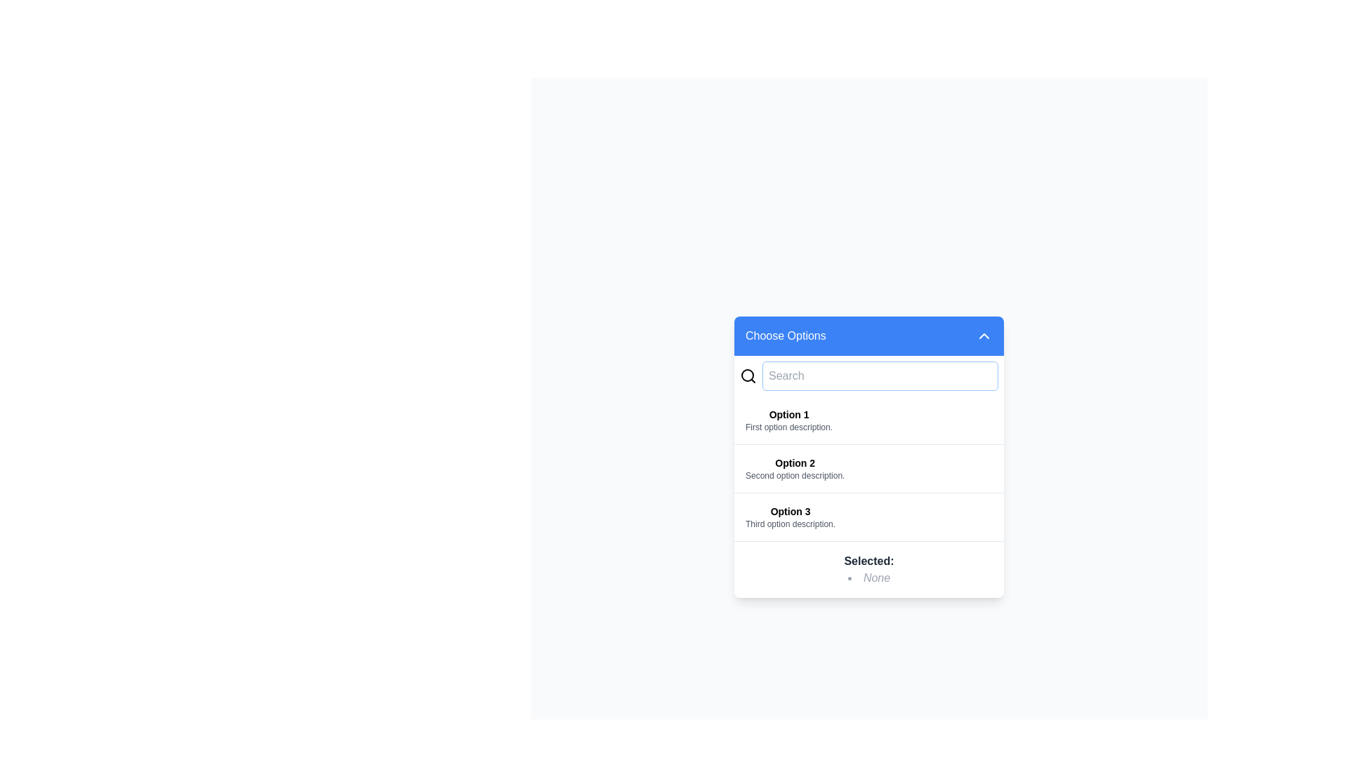 The height and width of the screenshot is (758, 1348). What do you see at coordinates (791, 517) in the screenshot?
I see `the textual element displaying 'Option 3' with the description 'Third option description' in the dropdown menu under 'Choose Options'` at bounding box center [791, 517].